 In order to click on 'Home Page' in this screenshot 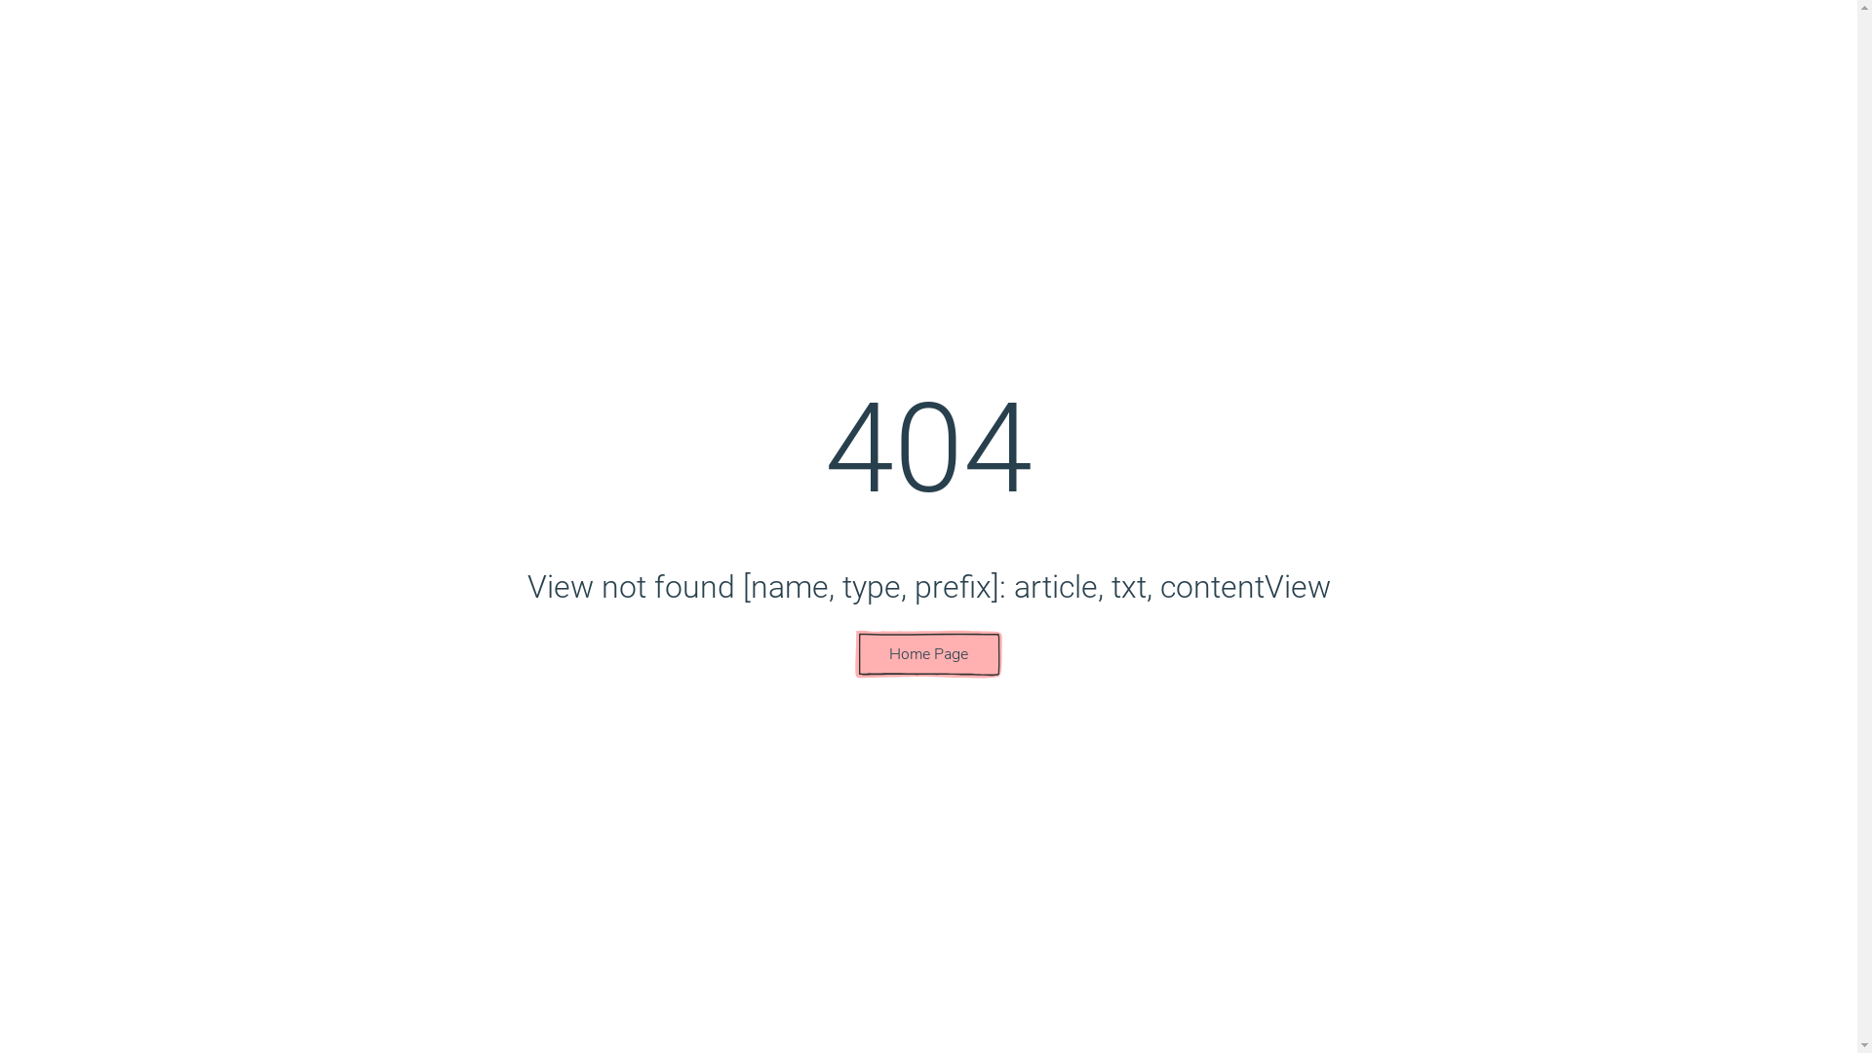, I will do `click(927, 654)`.